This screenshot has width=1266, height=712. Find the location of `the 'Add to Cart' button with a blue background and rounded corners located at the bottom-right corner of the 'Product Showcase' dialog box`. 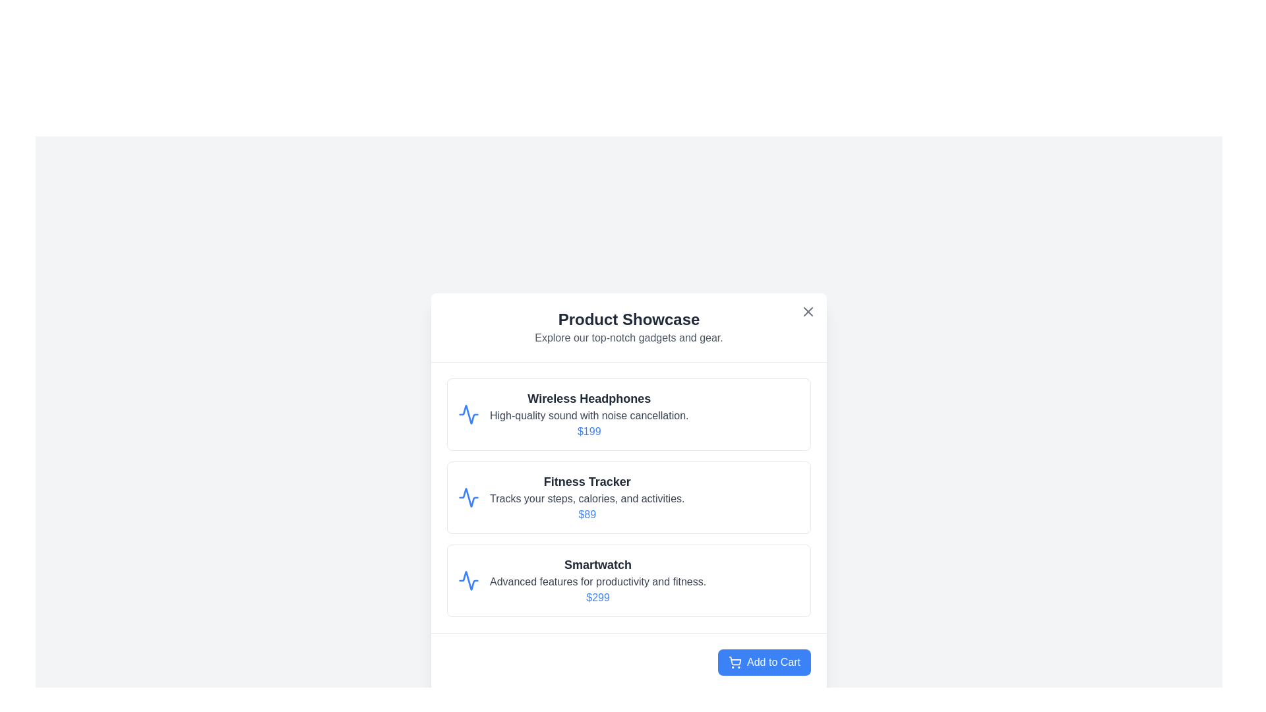

the 'Add to Cart' button with a blue background and rounded corners located at the bottom-right corner of the 'Product Showcase' dialog box is located at coordinates (628, 662).